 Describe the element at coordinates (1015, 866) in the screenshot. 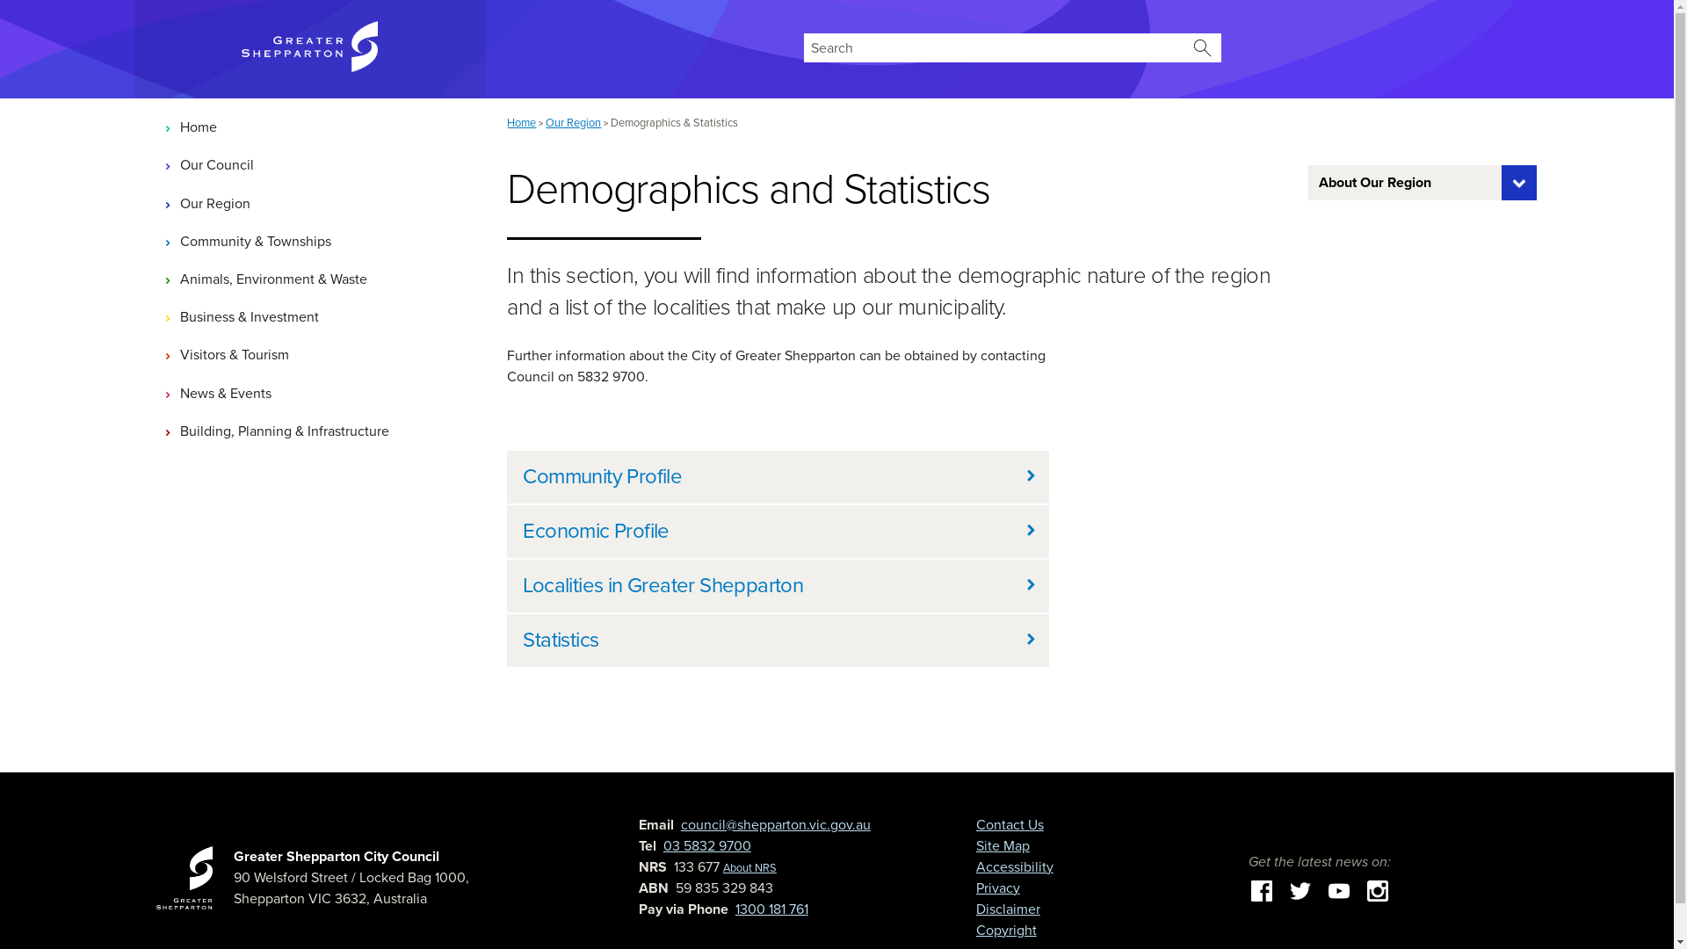

I see `'Accessibility'` at that location.